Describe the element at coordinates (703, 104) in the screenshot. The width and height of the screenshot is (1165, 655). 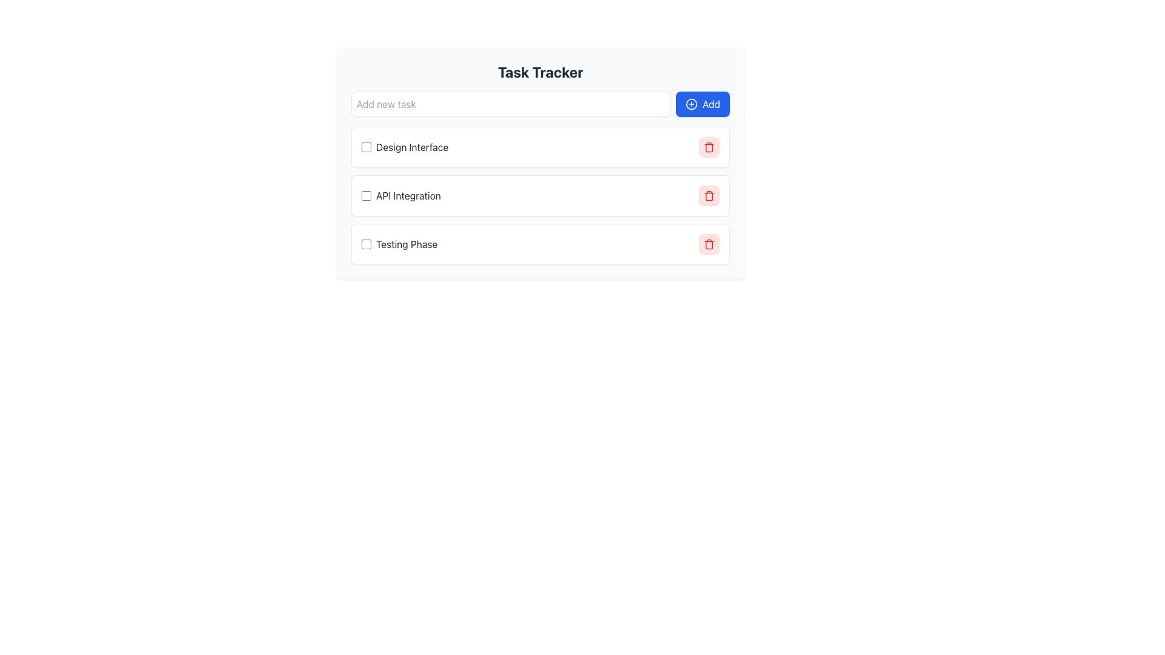
I see `the task addition button located at the right end of the task input section to trigger hover effects` at that location.